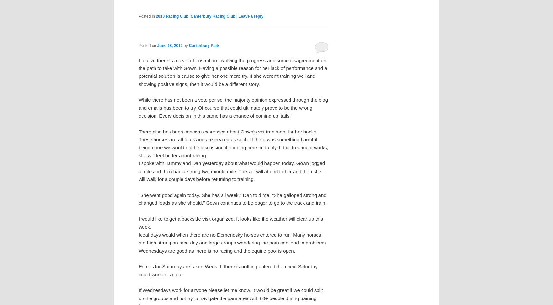  Describe the element at coordinates (148, 45) in the screenshot. I see `'Posted on'` at that location.